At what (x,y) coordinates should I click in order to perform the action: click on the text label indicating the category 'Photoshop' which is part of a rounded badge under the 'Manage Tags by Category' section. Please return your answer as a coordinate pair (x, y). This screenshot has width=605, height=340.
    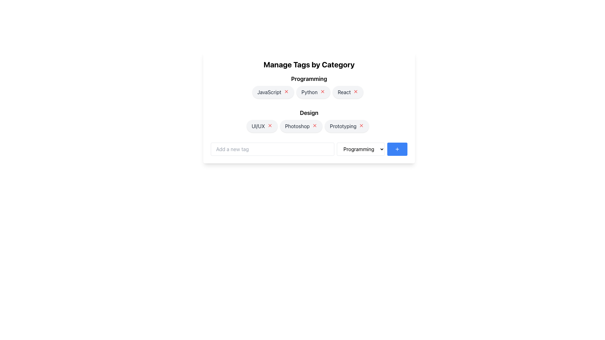
    Looking at the image, I should click on (297, 126).